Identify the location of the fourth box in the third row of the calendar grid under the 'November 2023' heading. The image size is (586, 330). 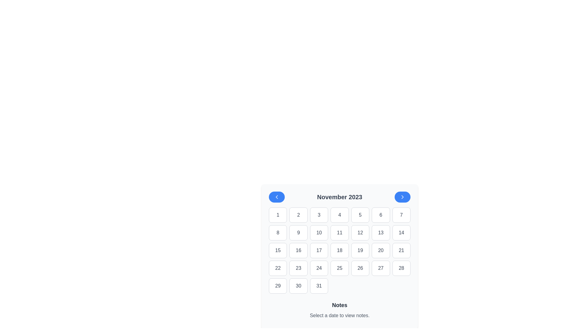
(339, 251).